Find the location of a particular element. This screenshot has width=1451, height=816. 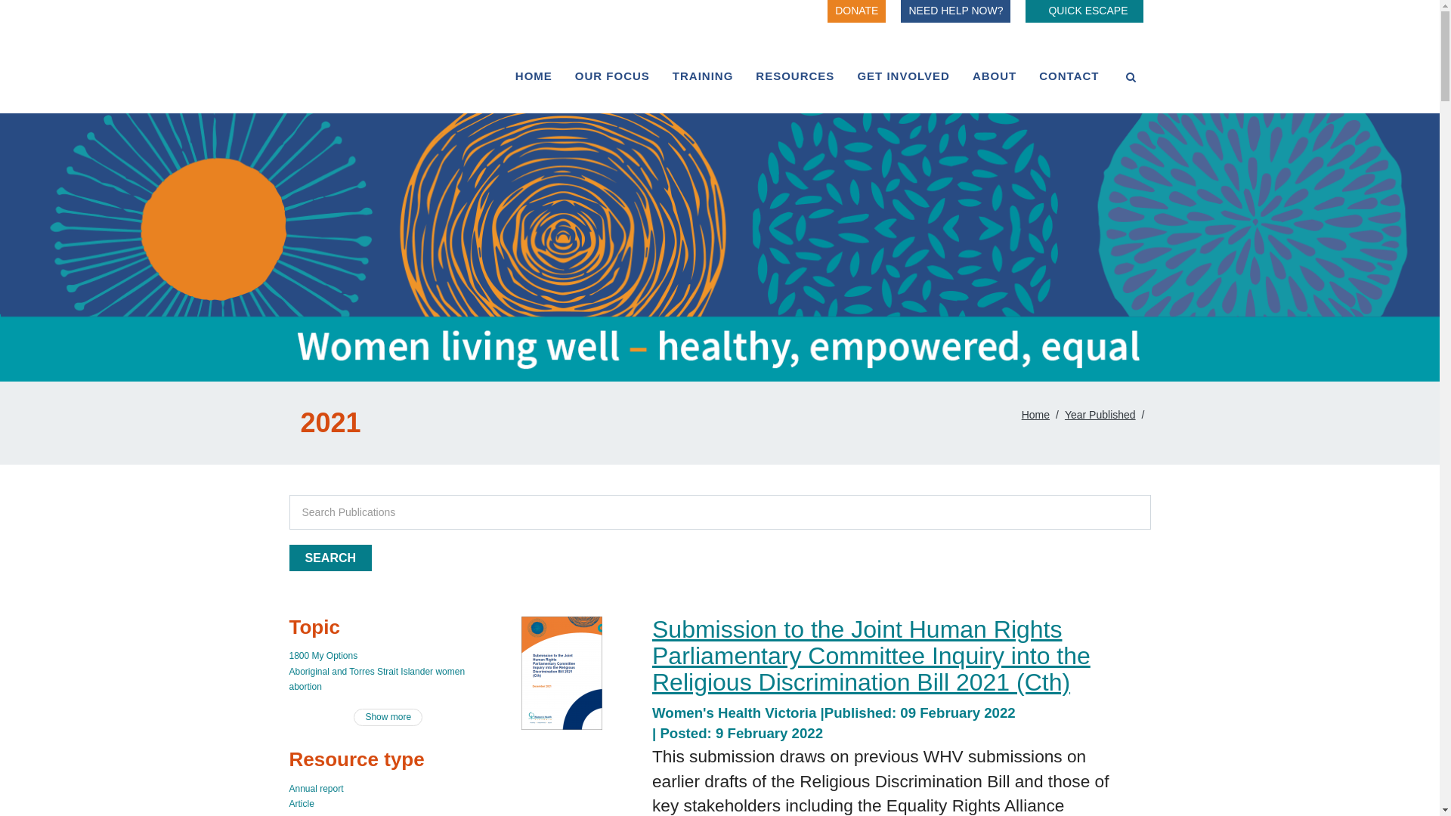

'Annual report' is located at coordinates (289, 788).